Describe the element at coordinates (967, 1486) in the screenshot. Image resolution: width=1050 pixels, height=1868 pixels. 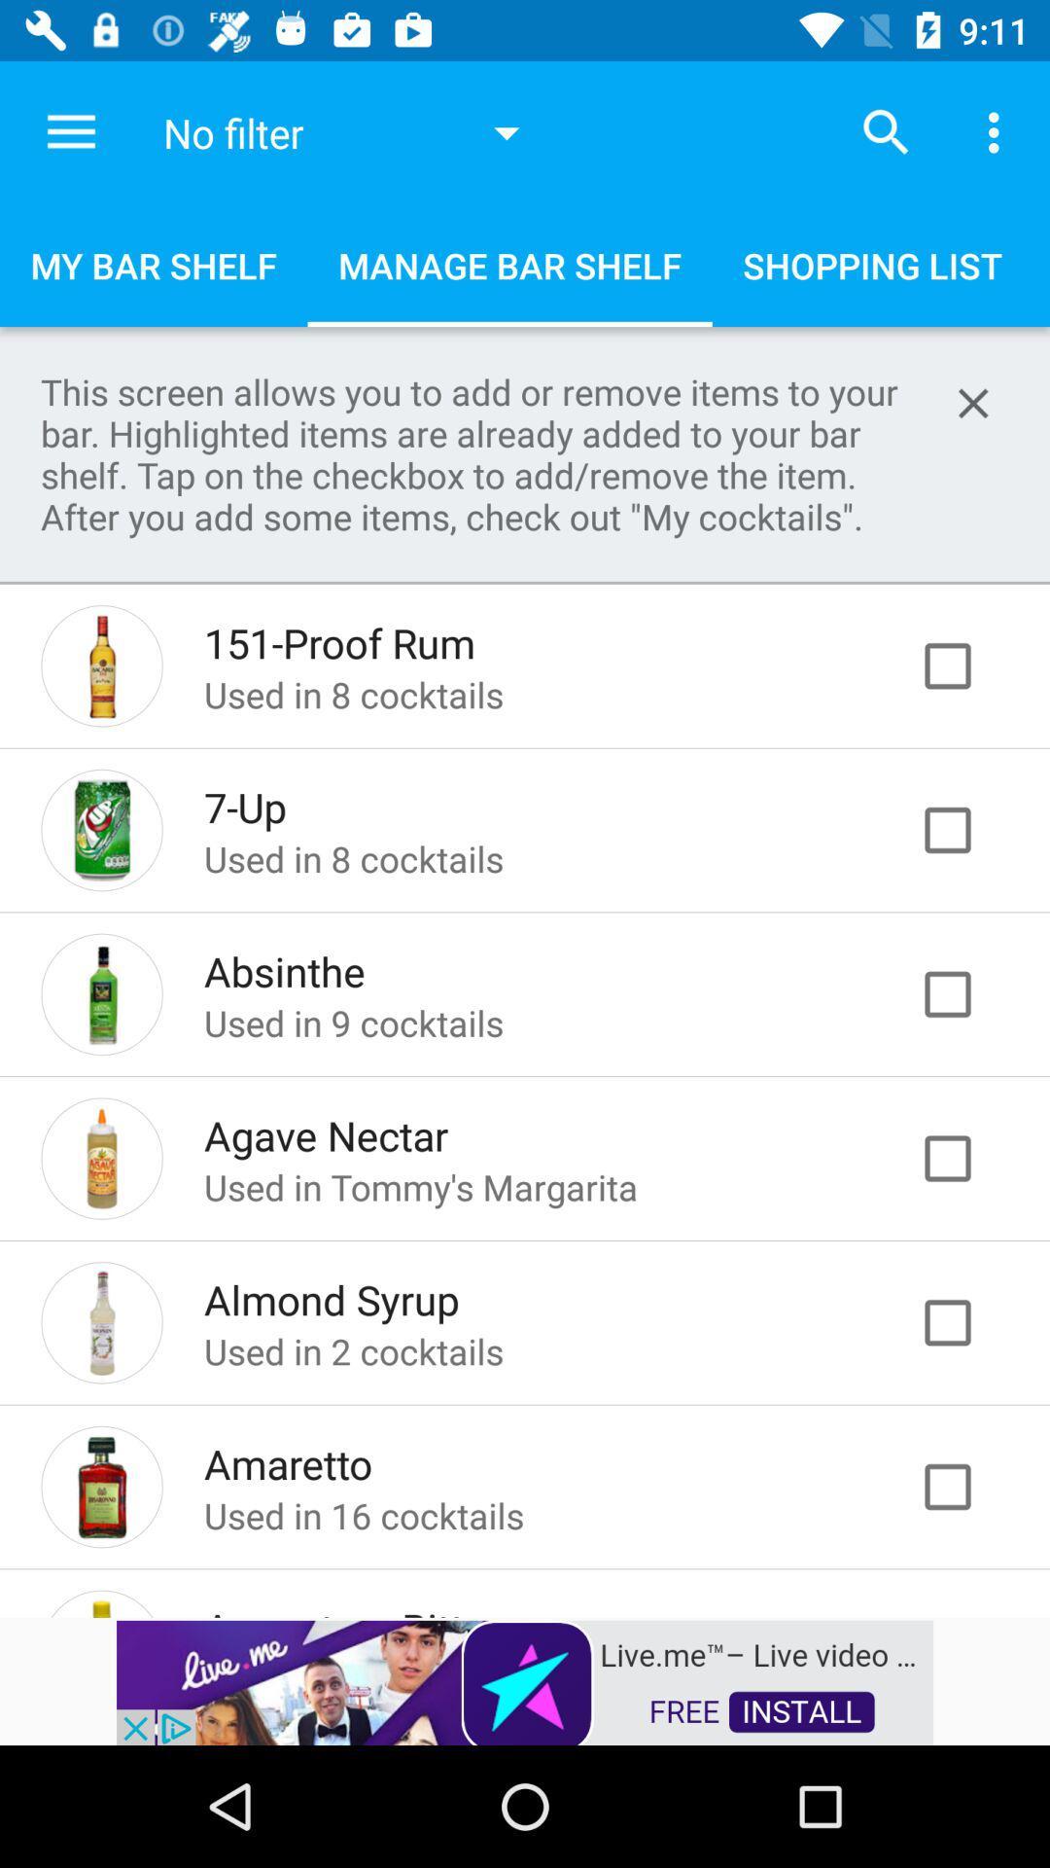
I see `item` at that location.